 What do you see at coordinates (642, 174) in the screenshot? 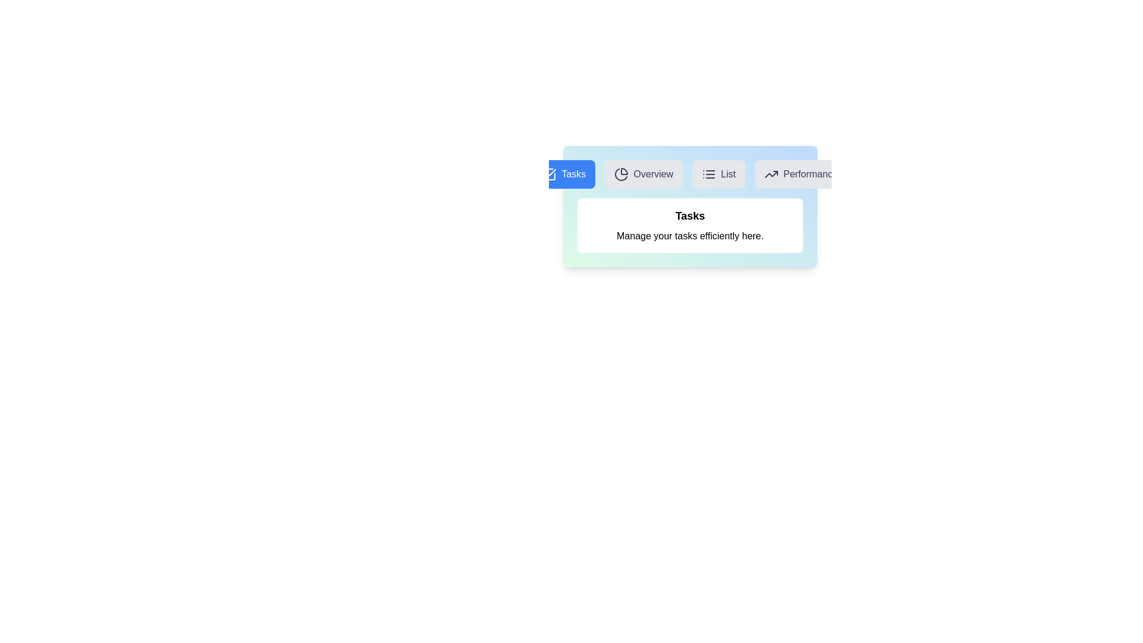
I see `the Overview tab` at bounding box center [642, 174].